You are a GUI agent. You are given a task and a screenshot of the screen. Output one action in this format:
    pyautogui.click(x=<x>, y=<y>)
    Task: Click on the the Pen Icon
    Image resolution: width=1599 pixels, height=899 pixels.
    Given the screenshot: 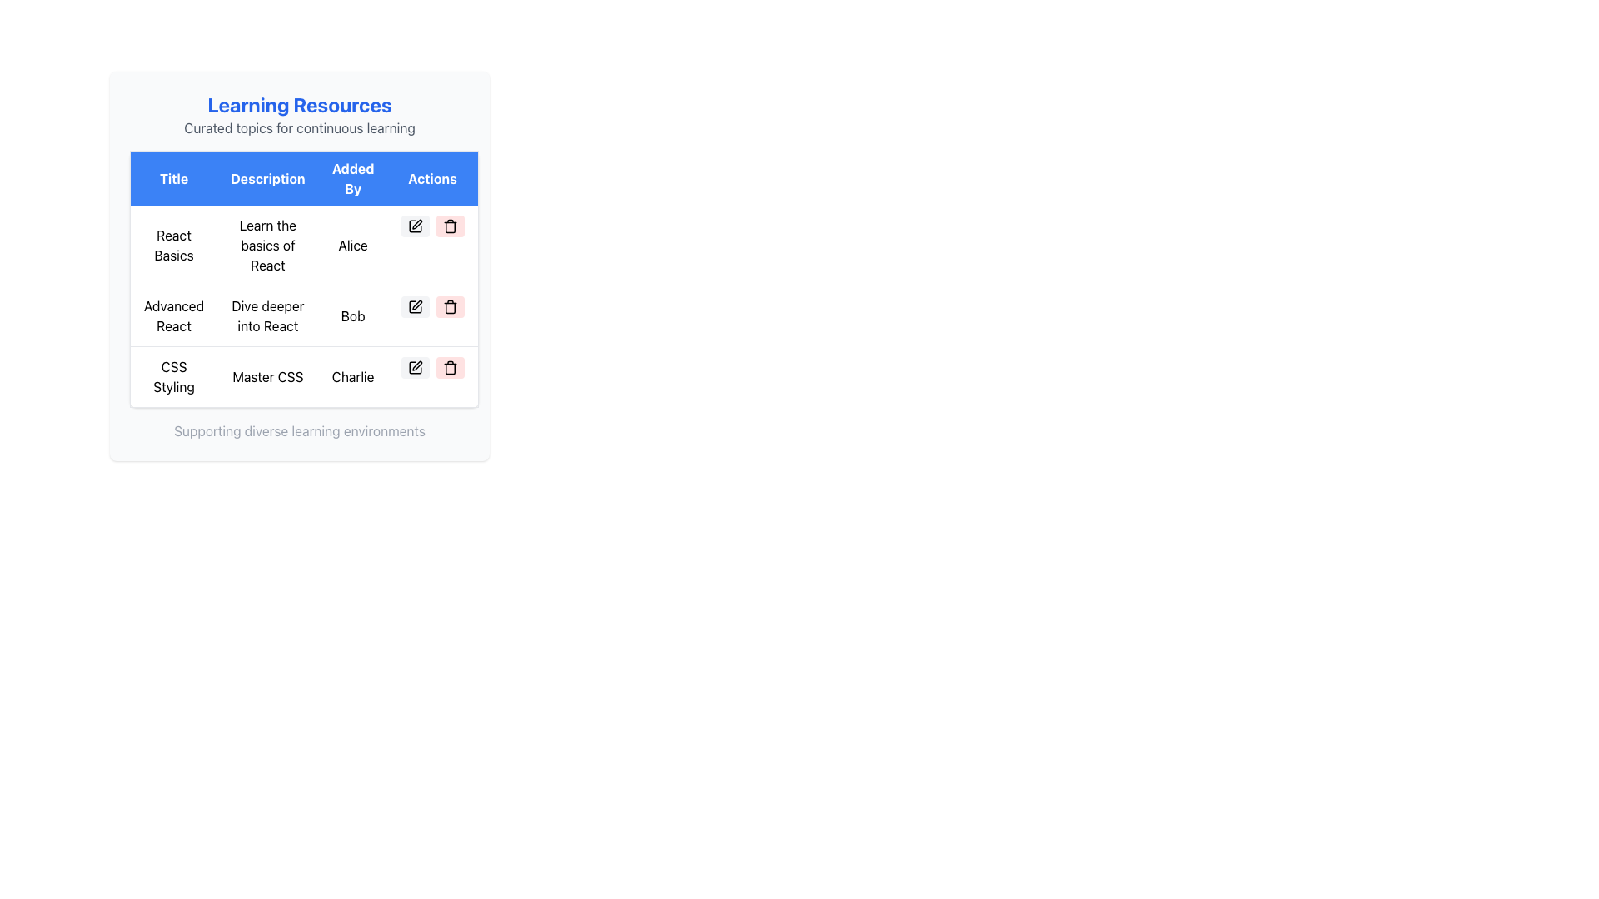 What is the action you would take?
    pyautogui.click(x=416, y=305)
    